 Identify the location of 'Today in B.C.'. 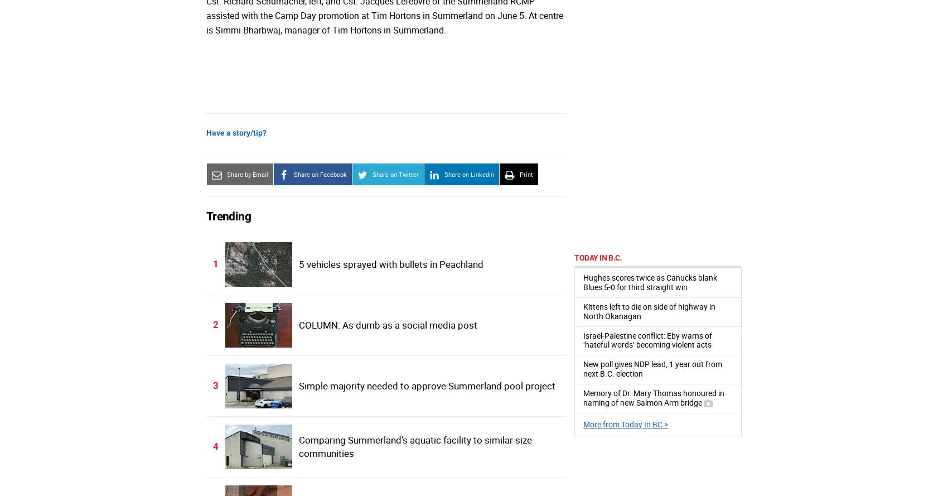
(598, 257).